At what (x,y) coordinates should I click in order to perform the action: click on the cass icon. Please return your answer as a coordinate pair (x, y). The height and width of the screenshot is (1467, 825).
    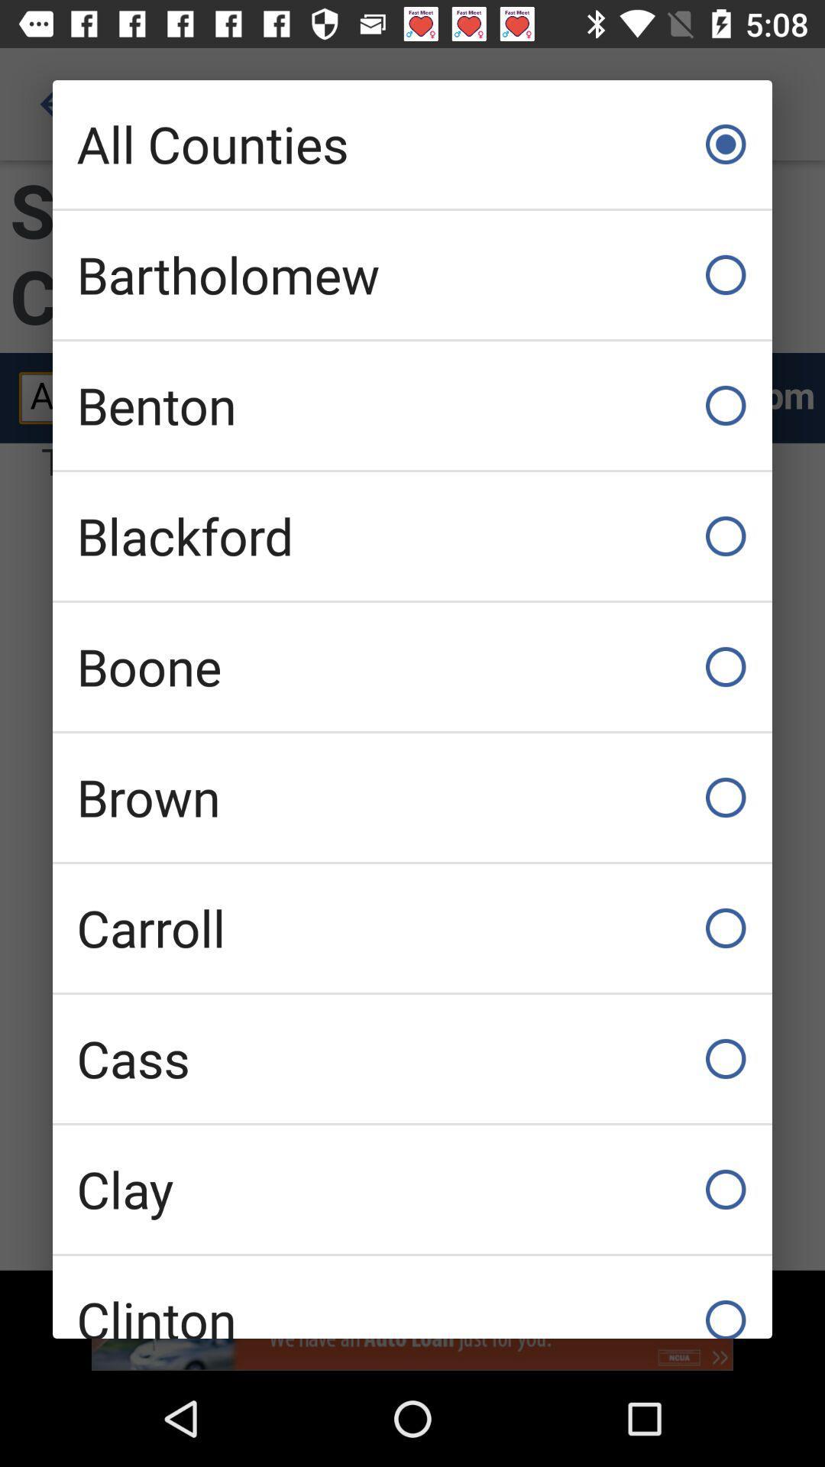
    Looking at the image, I should click on (412, 1058).